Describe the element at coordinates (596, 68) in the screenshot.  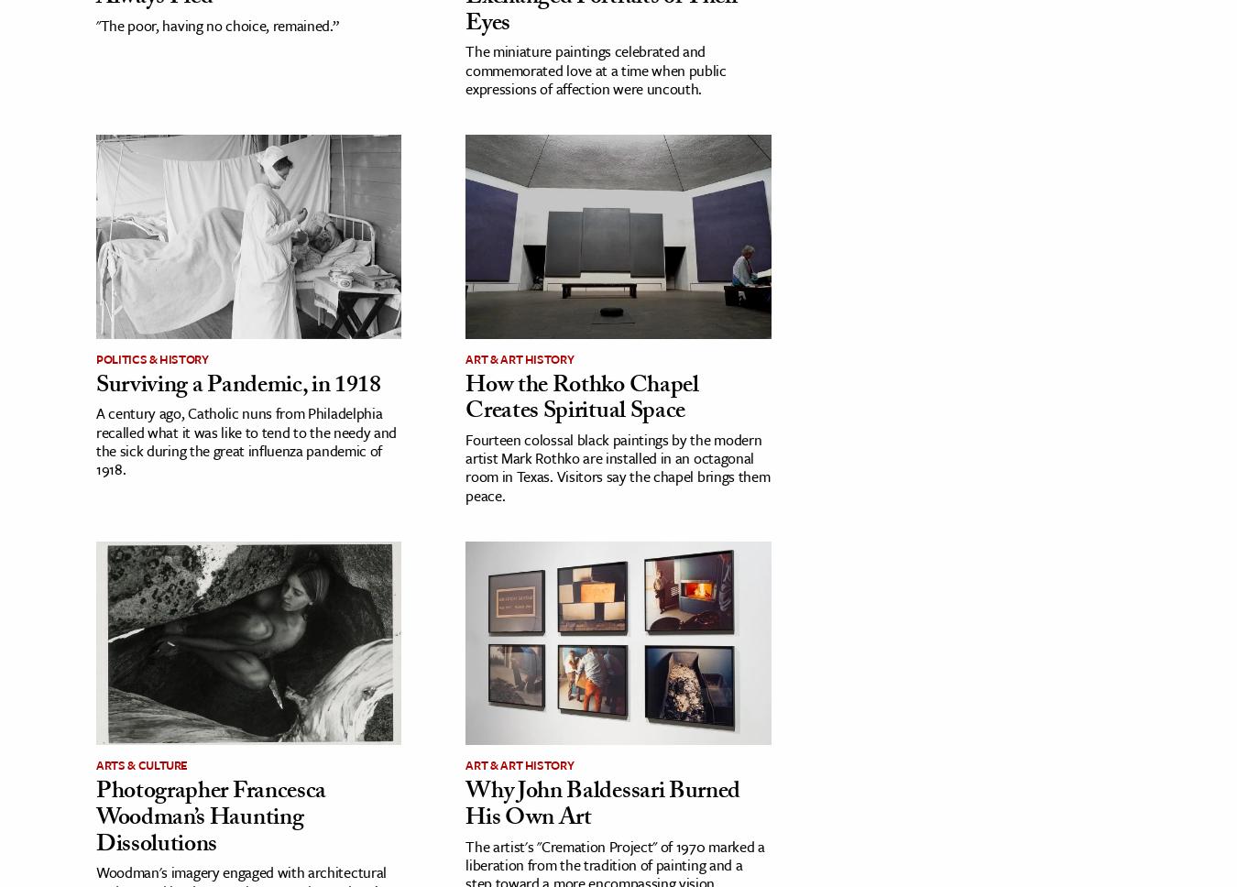
I see `'The miniature paintings celebrated and commemorated love at a time when public expressions of affection were uncouth.'` at that location.